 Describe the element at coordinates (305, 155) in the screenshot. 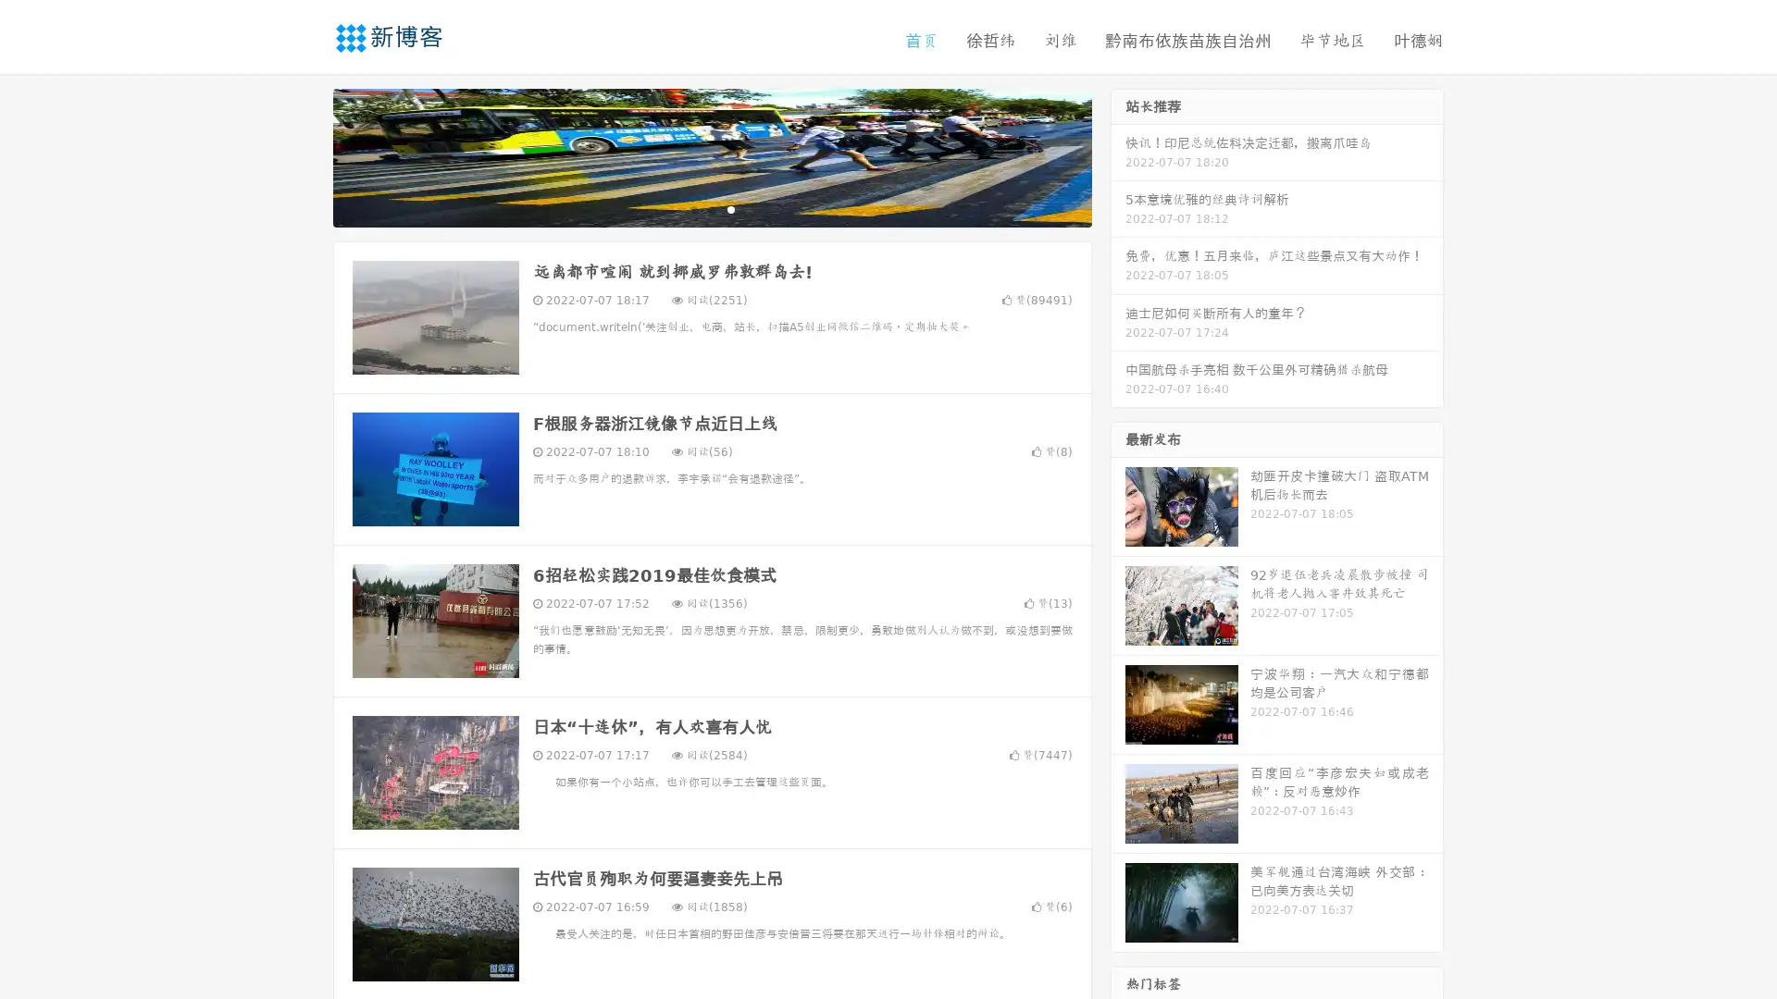

I see `Previous slide` at that location.